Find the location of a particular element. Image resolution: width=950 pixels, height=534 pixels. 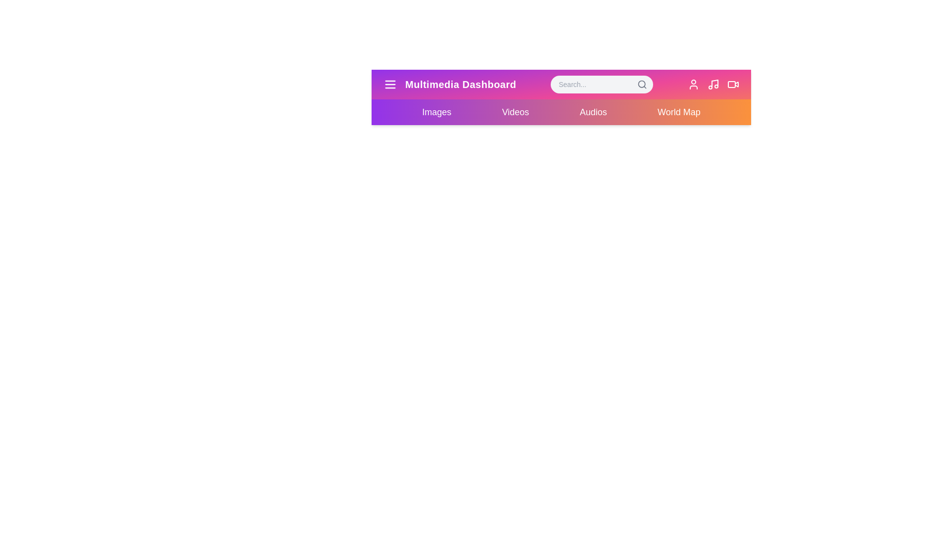

the navigation item Images to navigate to the respective section is located at coordinates (436, 112).